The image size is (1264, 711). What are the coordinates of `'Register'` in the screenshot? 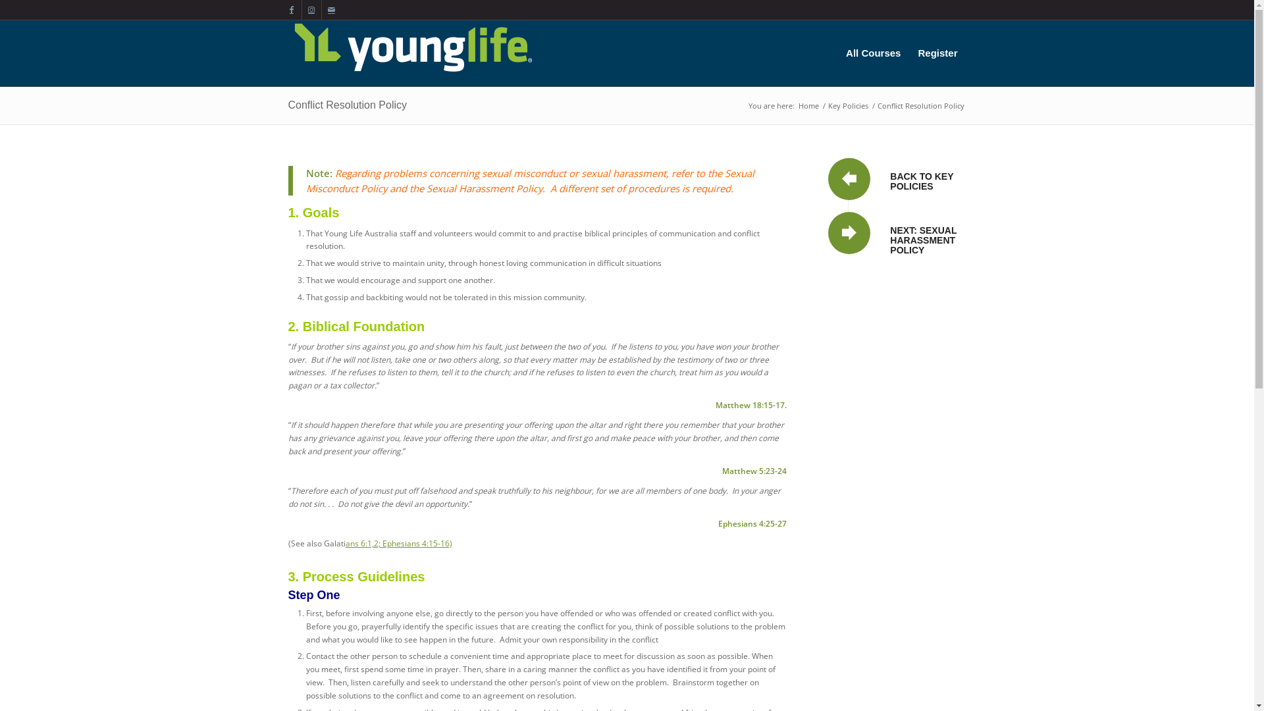 It's located at (937, 53).